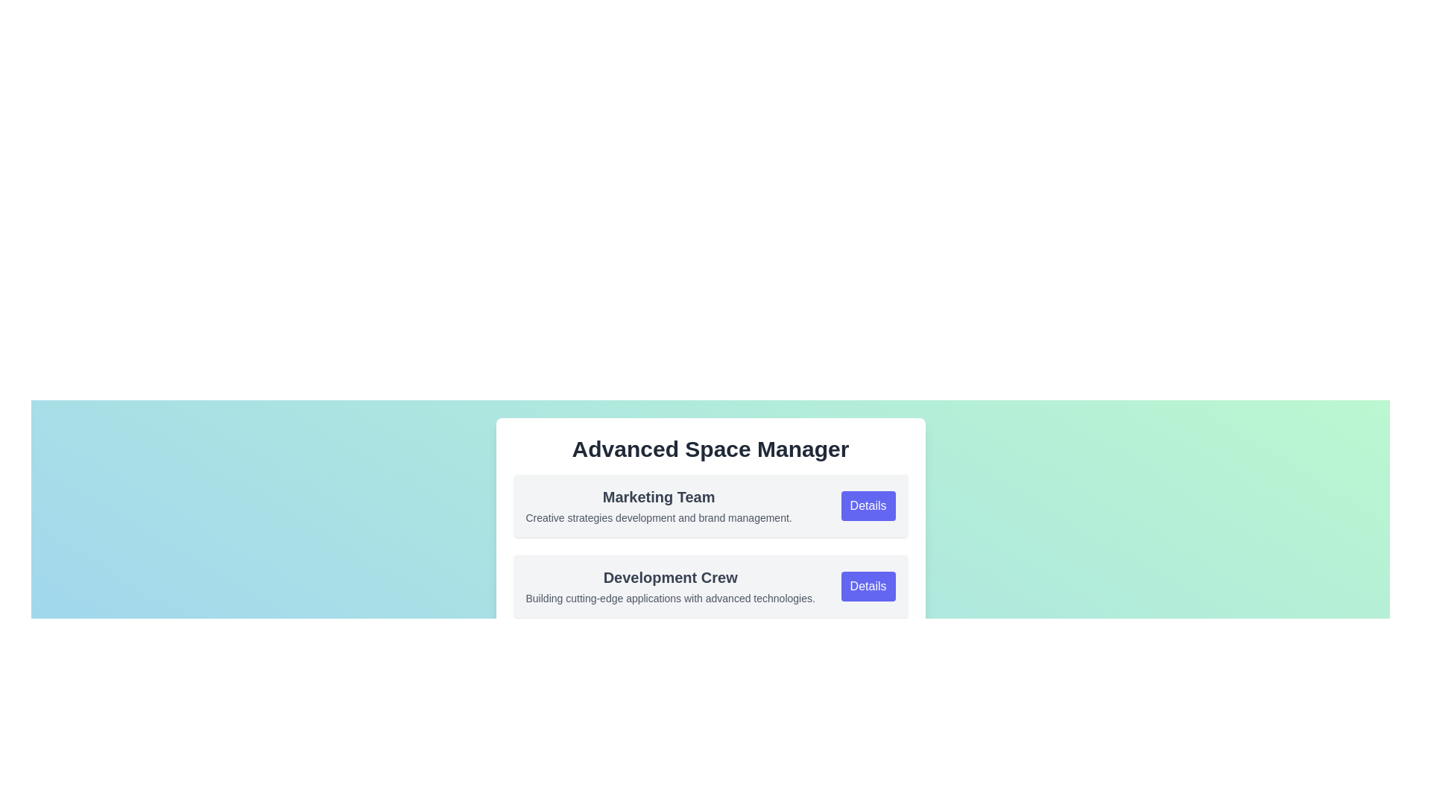 This screenshot has width=1431, height=805. What do you see at coordinates (669, 597) in the screenshot?
I see `the TextLabel that provides descriptive text for the 'Development Crew', located below the 'Development Crew' title and above the 'Details' button` at bounding box center [669, 597].